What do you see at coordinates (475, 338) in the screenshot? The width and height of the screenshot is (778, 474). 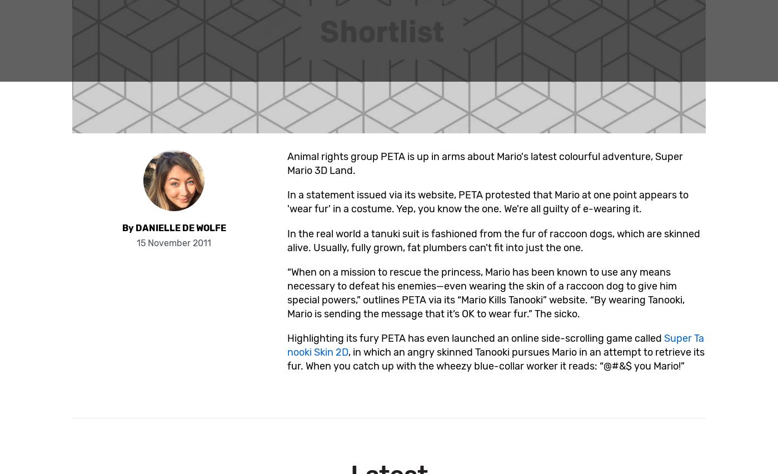 I see `'Highlighting its fury PETA has even launched an online side-scrolling game called'` at bounding box center [475, 338].